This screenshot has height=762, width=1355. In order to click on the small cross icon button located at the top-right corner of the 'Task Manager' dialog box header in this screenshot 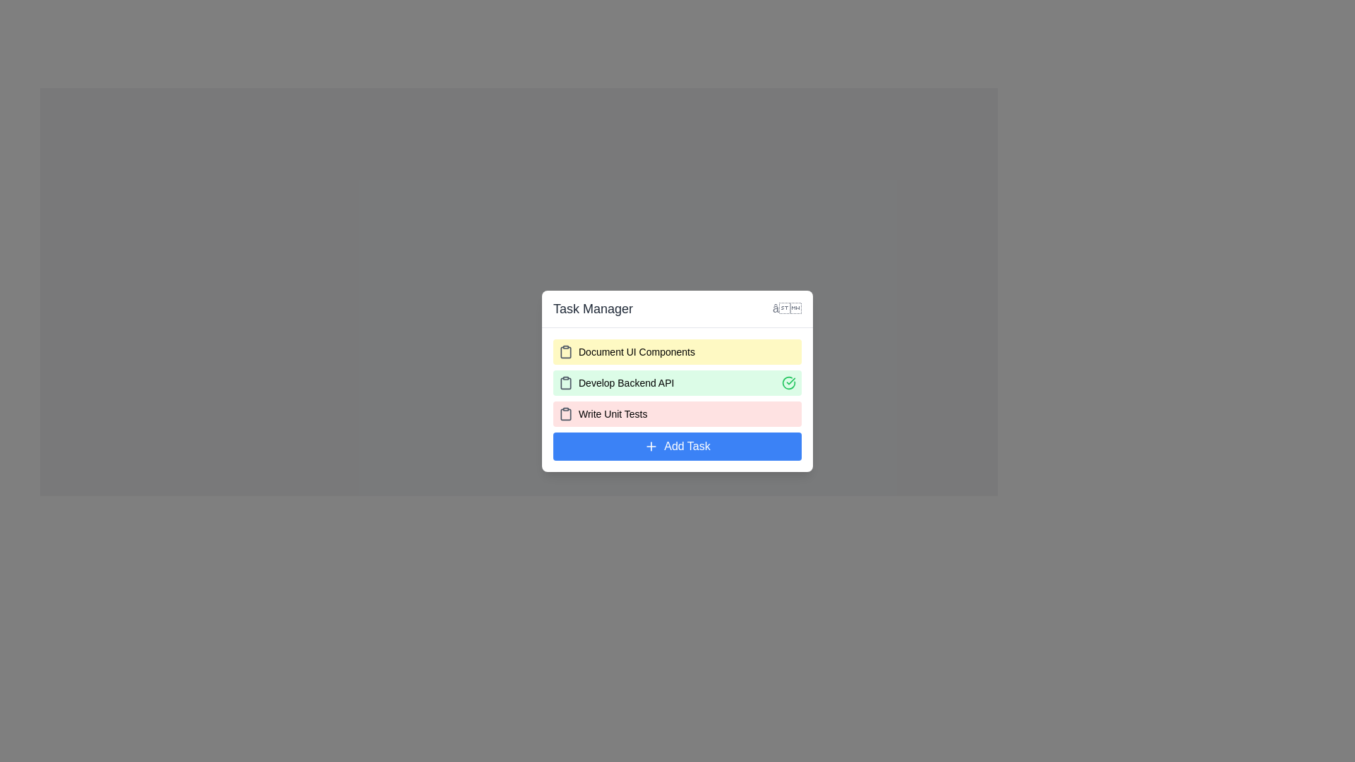, I will do `click(786, 308)`.